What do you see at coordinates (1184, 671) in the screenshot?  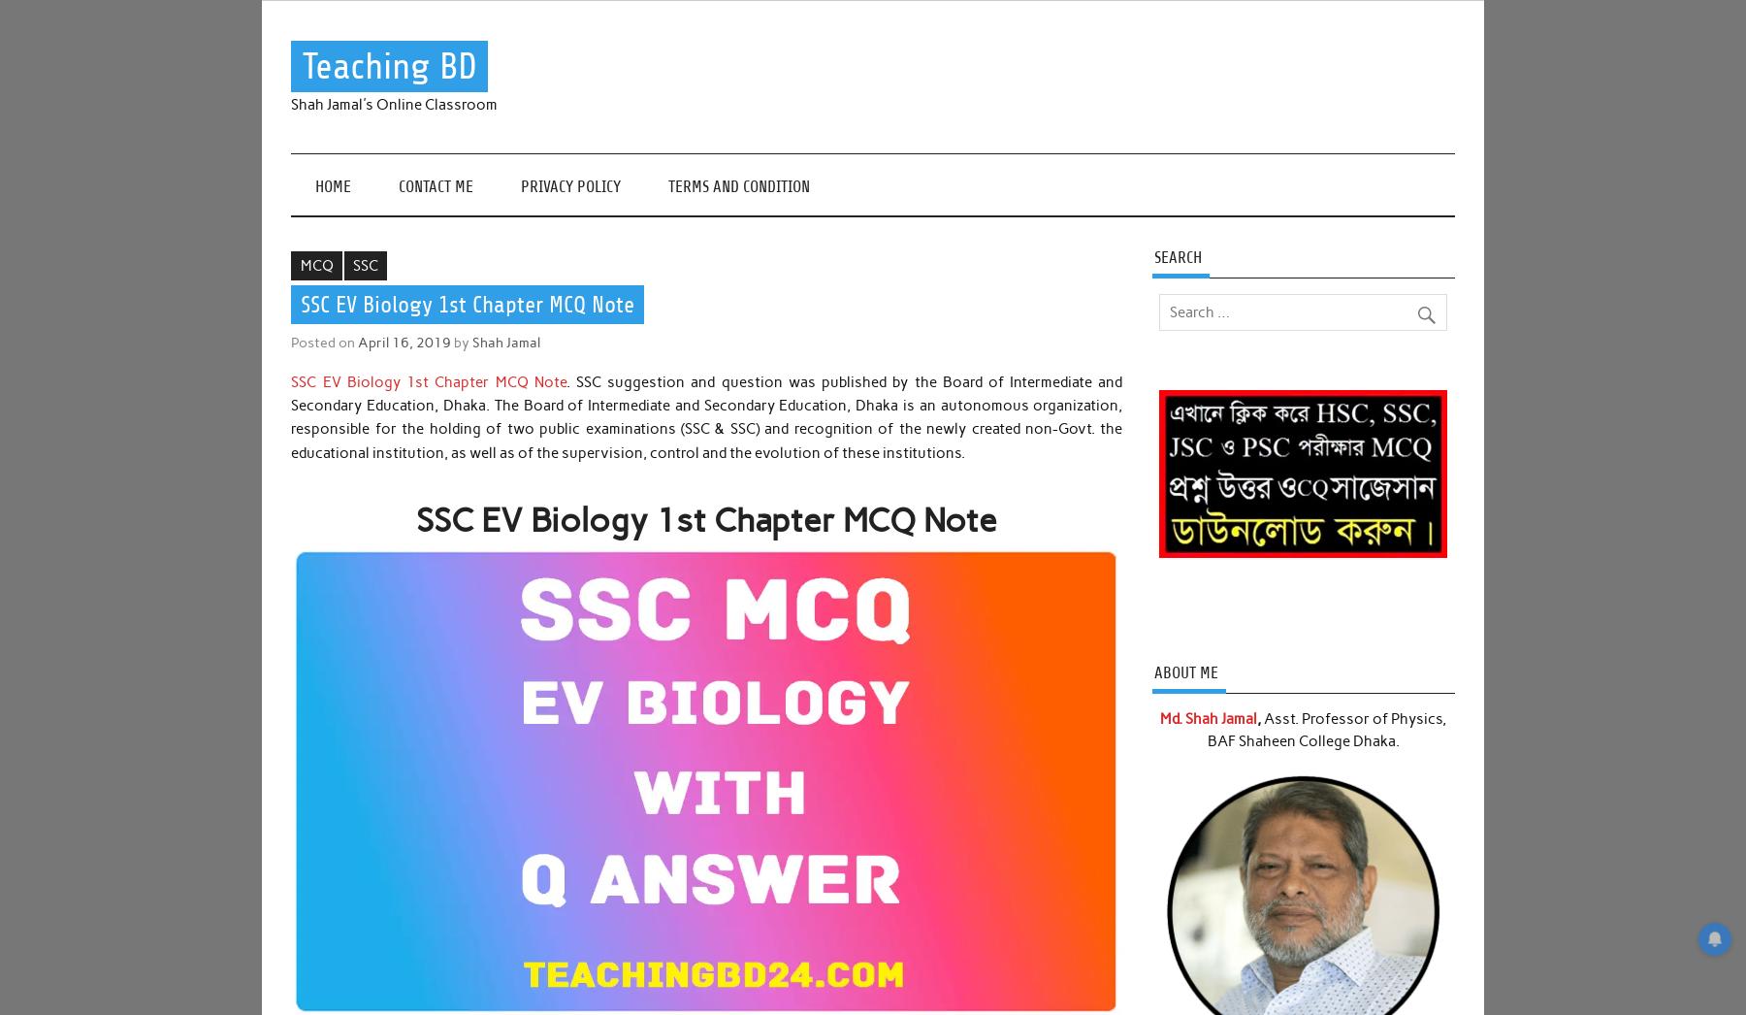 I see `'About Me'` at bounding box center [1184, 671].